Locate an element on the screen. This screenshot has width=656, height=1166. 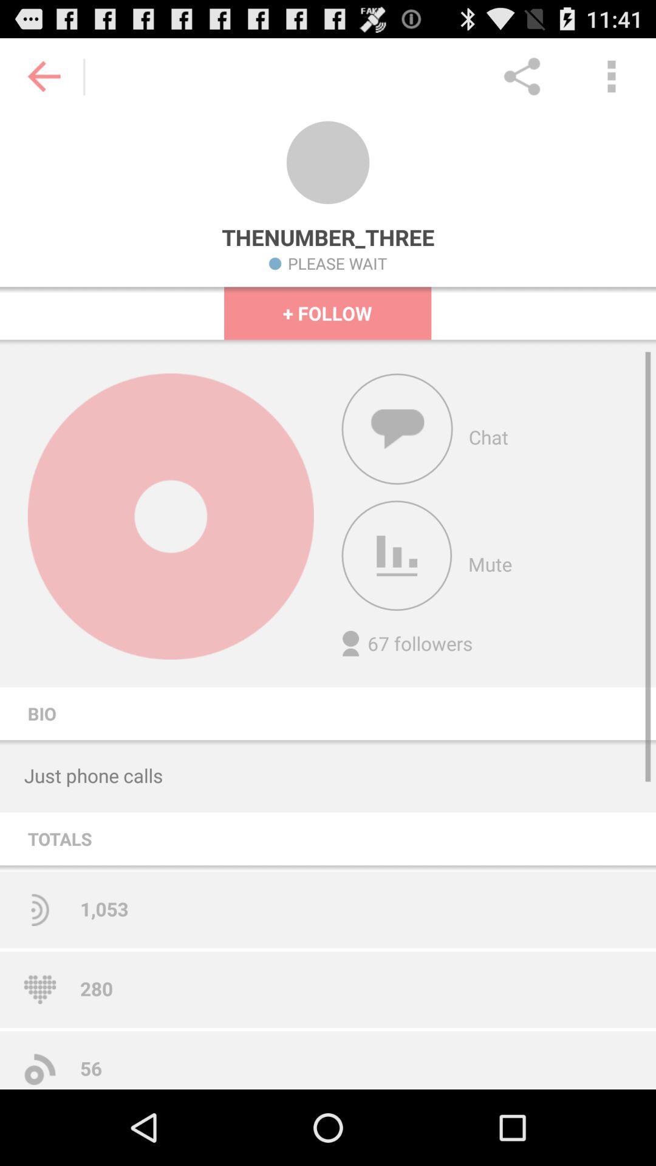
utilize chat feature is located at coordinates (397, 429).